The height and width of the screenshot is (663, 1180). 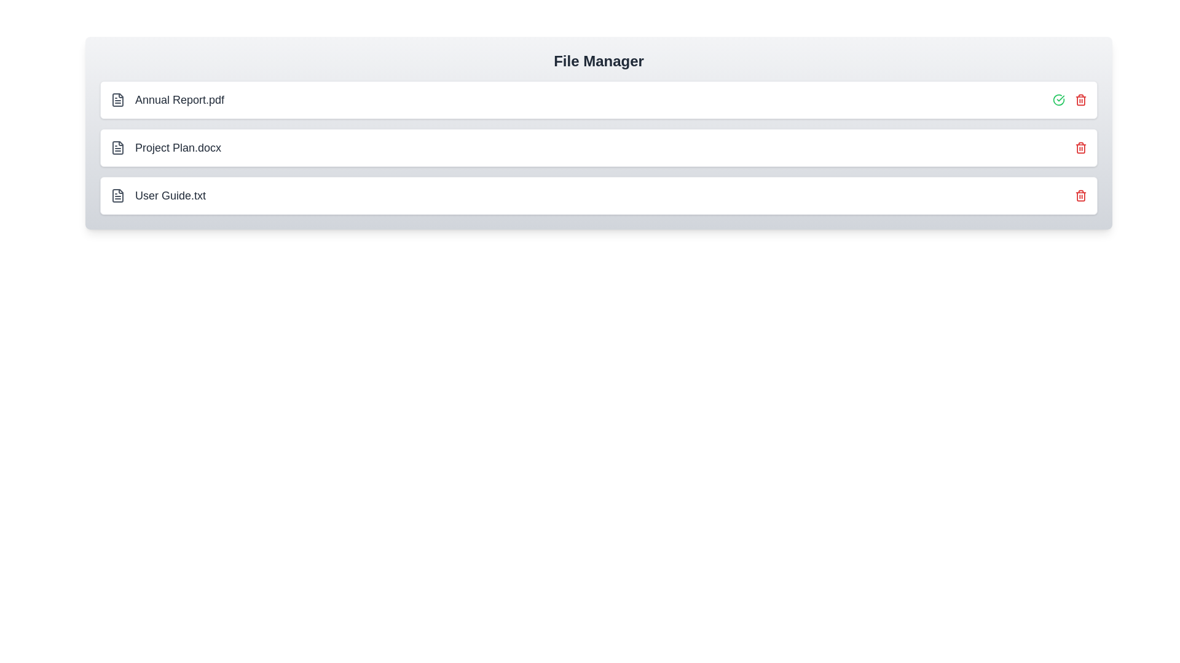 I want to click on the icon representing the document file 'Annual Report.pdf', so click(x=118, y=99).